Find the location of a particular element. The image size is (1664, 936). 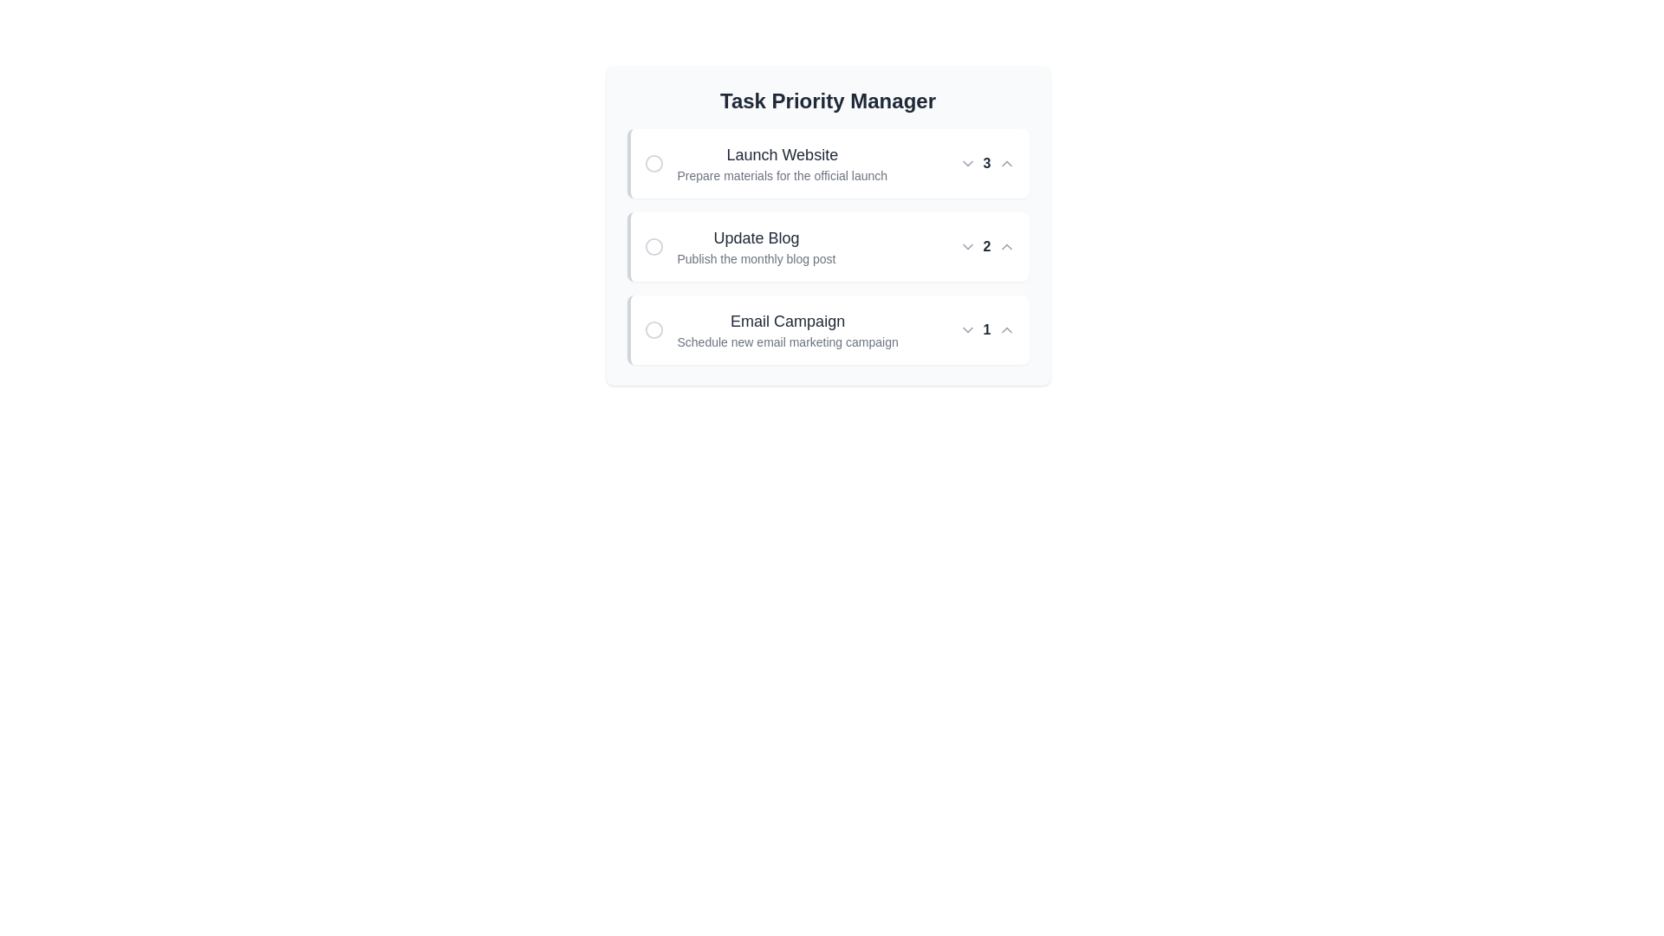

the interactive buttons in the second task entry of the 'Task Priority Manager' list to modify priorities is located at coordinates (827, 225).